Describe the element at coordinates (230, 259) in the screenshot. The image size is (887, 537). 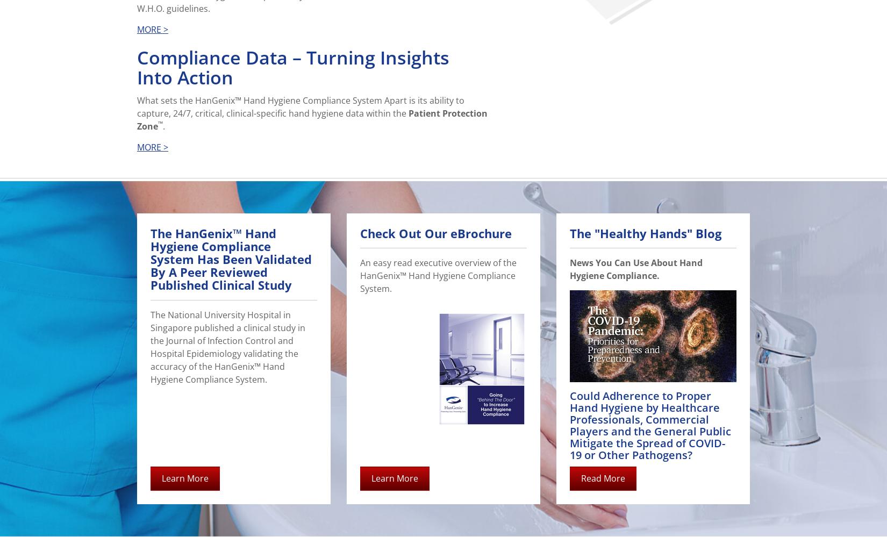
I see `'The HanGenix™ Hand Hygiene Compliance System Has Been Validated By A Peer Reviewed Published Clinical Study'` at that location.